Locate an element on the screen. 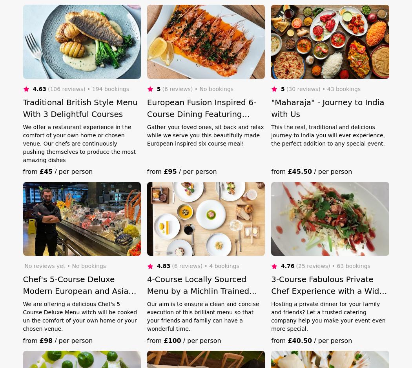  '£100' is located at coordinates (172, 340).